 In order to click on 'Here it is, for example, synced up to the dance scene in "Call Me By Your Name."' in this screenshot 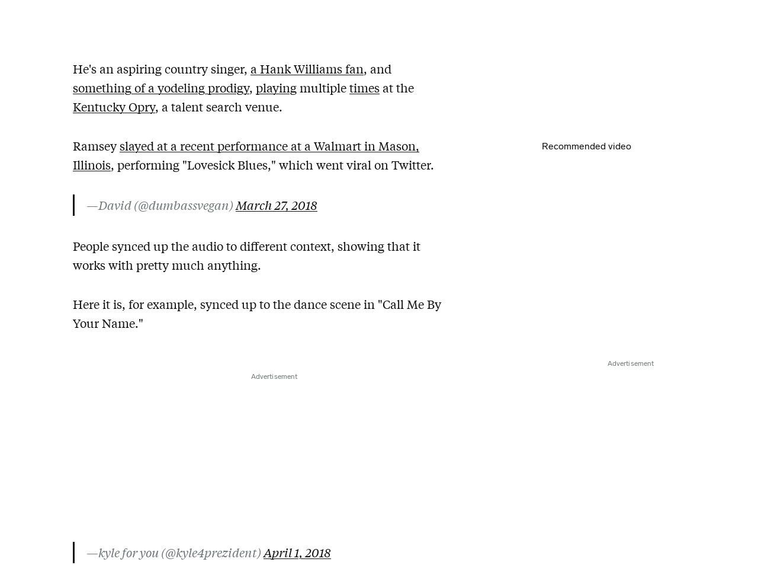, I will do `click(256, 313)`.